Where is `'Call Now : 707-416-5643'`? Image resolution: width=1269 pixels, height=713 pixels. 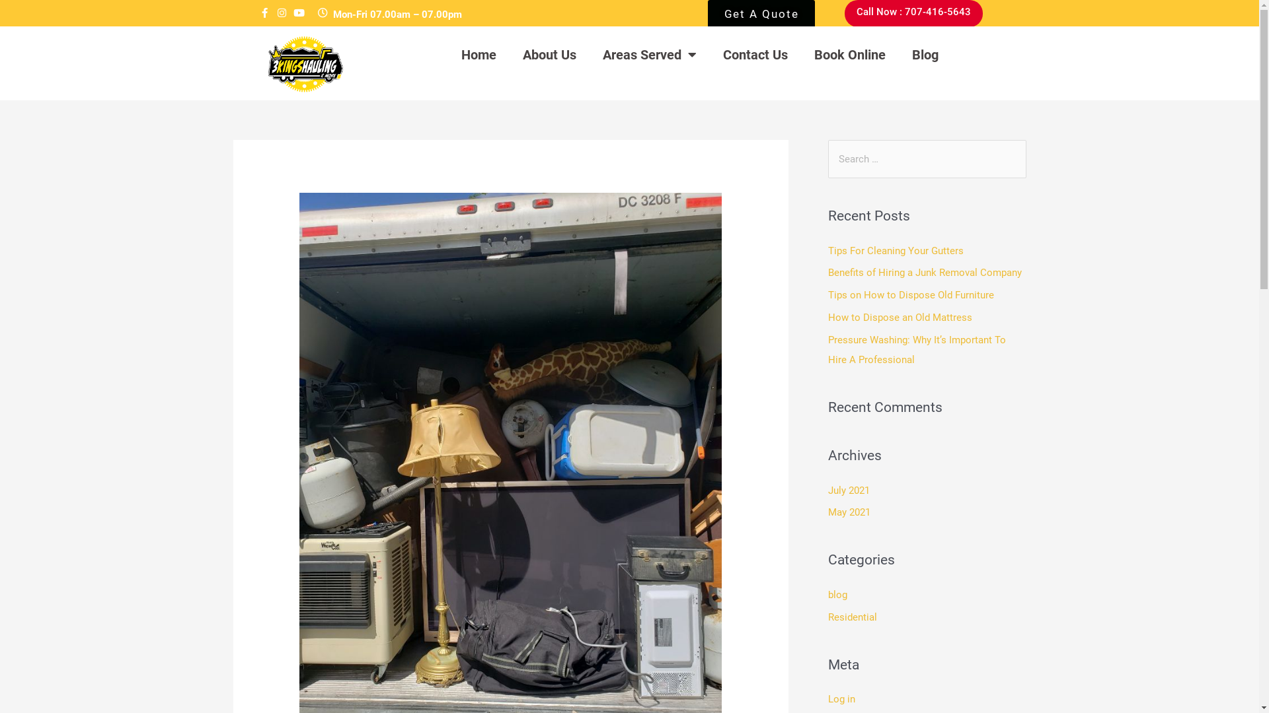
'Call Now : 707-416-5643' is located at coordinates (913, 13).